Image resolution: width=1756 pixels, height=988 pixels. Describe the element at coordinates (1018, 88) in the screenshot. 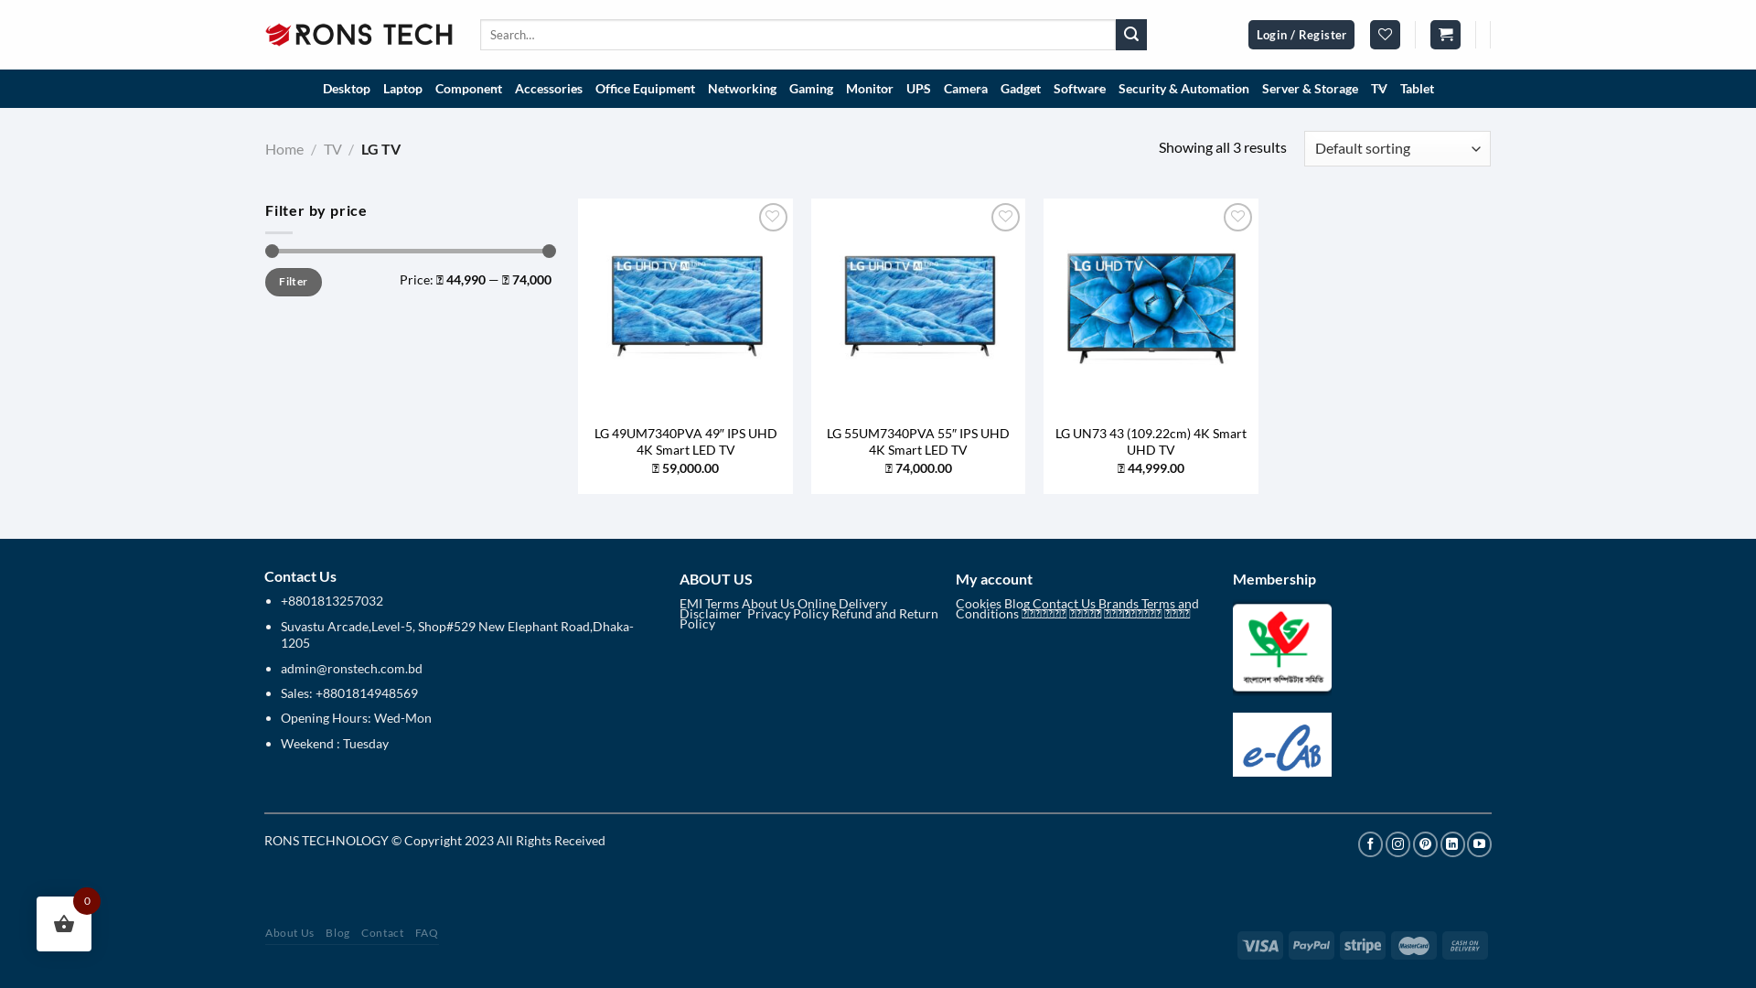

I see `'Gadget'` at that location.